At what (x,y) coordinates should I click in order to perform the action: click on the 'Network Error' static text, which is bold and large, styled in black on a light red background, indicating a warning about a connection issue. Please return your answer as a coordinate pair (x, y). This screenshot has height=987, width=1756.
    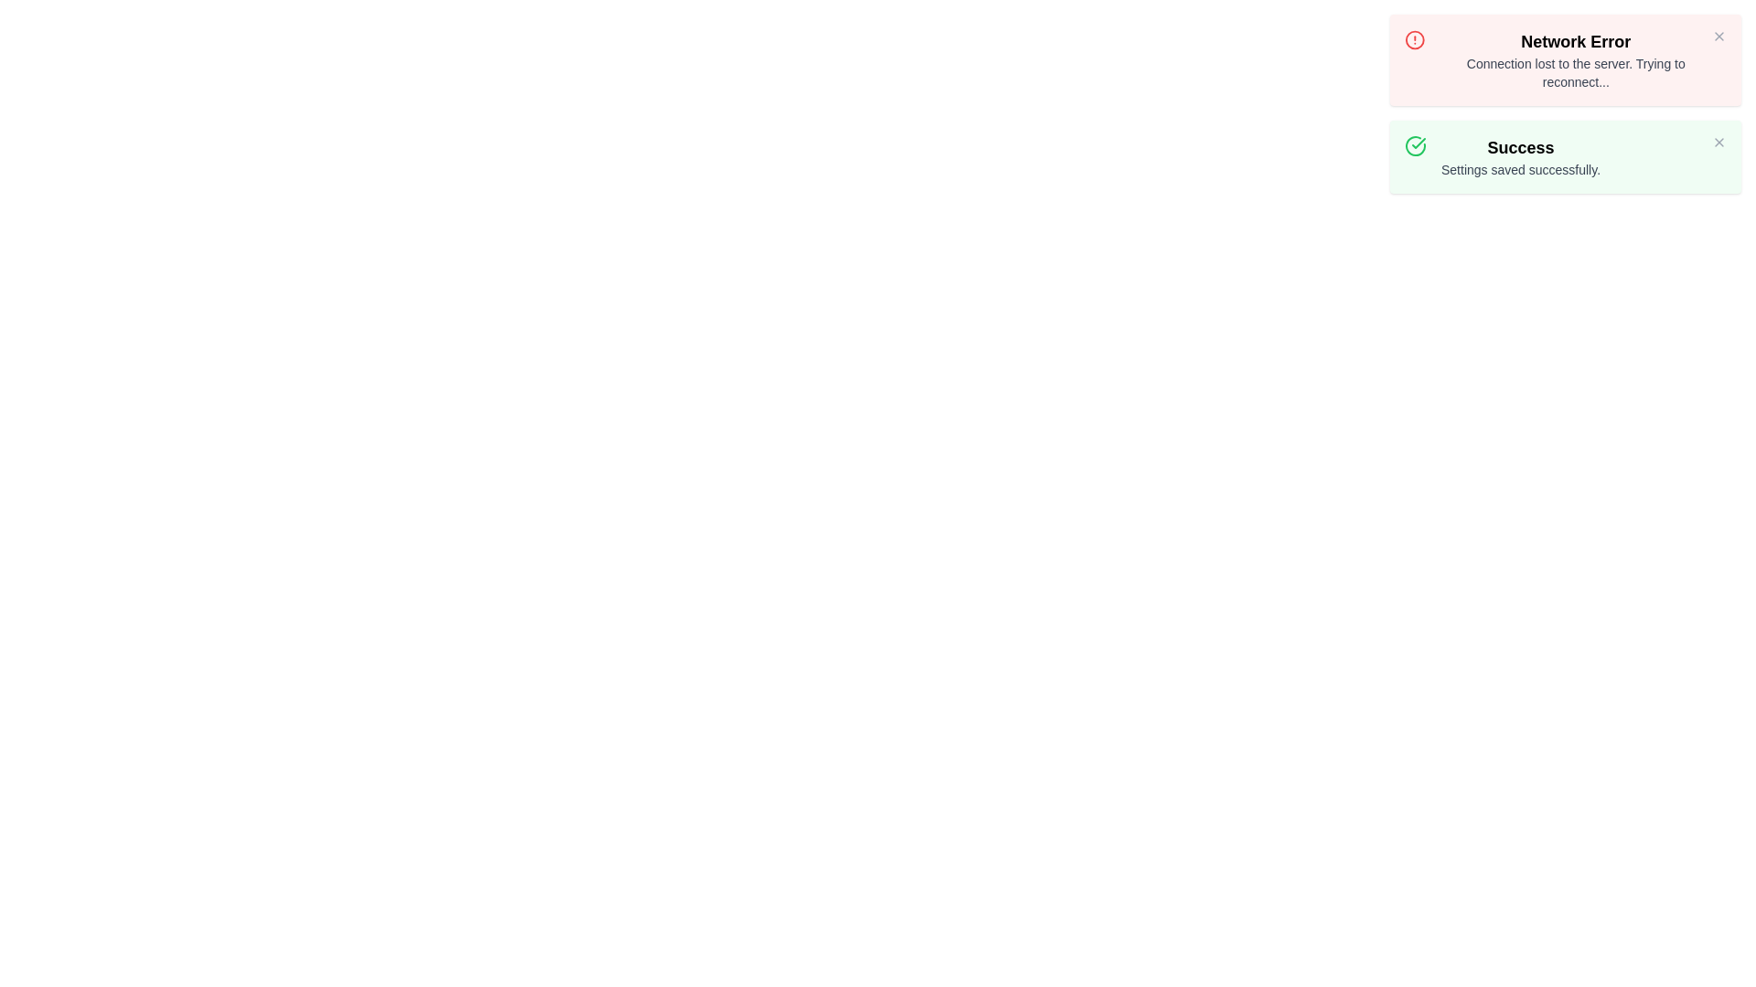
    Looking at the image, I should click on (1575, 41).